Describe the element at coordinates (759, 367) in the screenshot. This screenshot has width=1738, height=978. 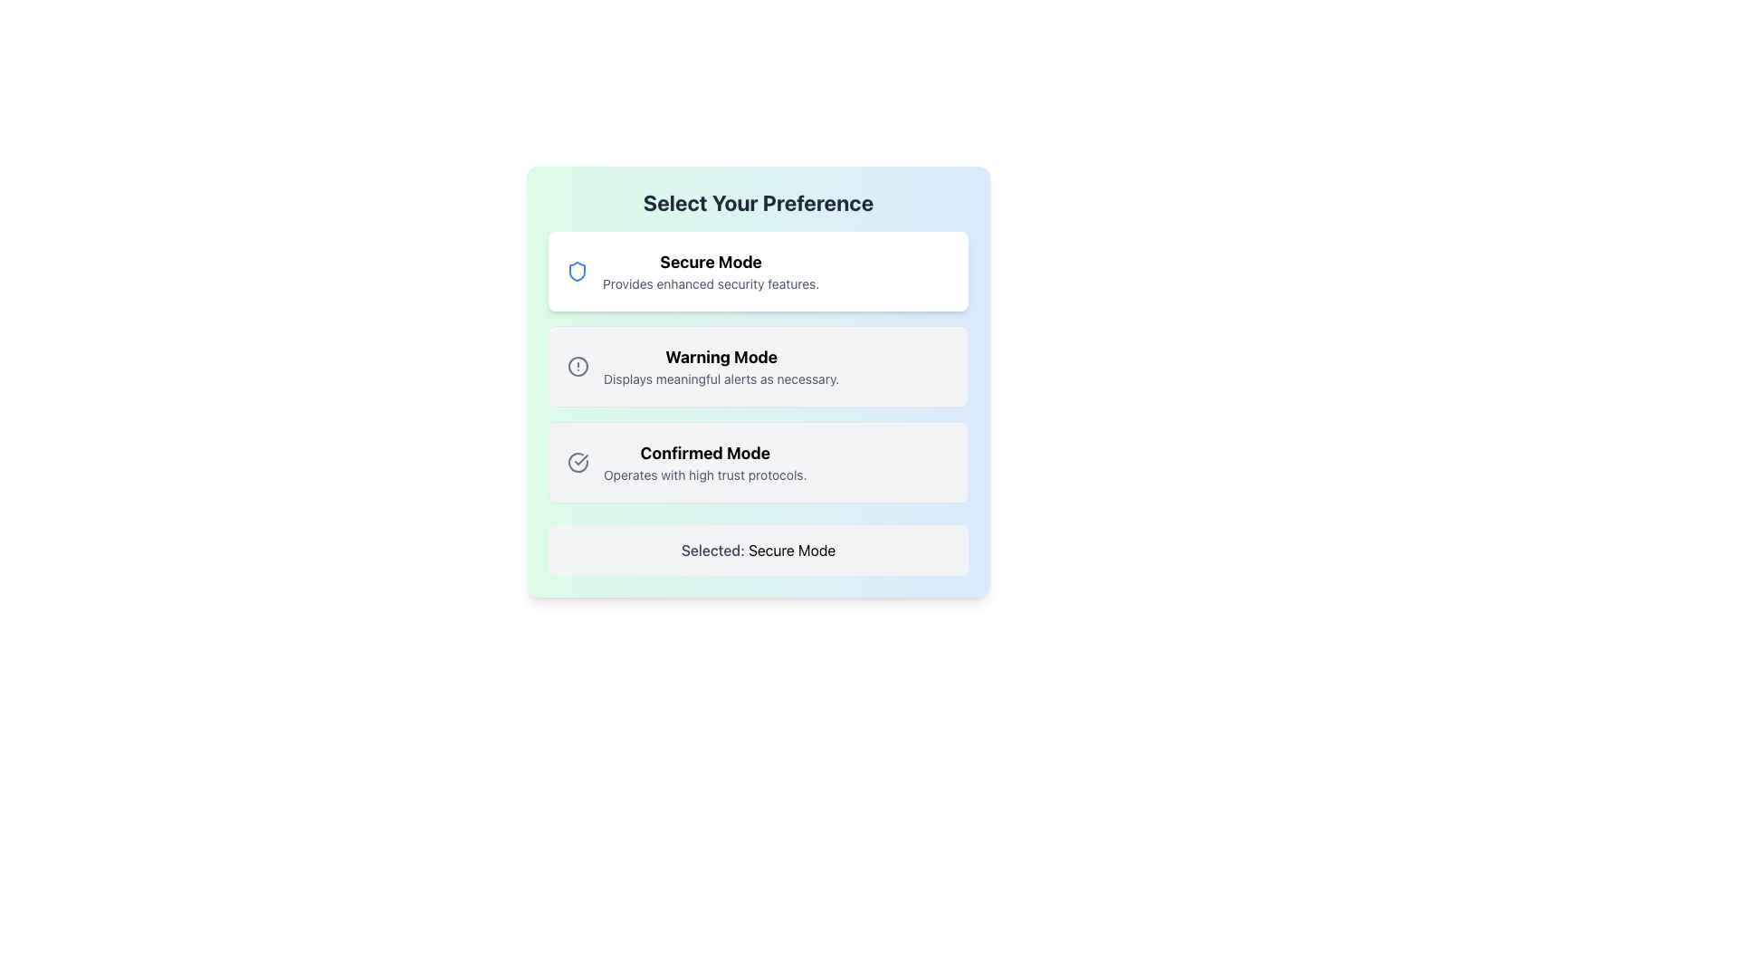
I see `to select the 'Warning Mode' option, which is the second selectable option in a vertical stack, featuring a bold title and an alert icon` at that location.